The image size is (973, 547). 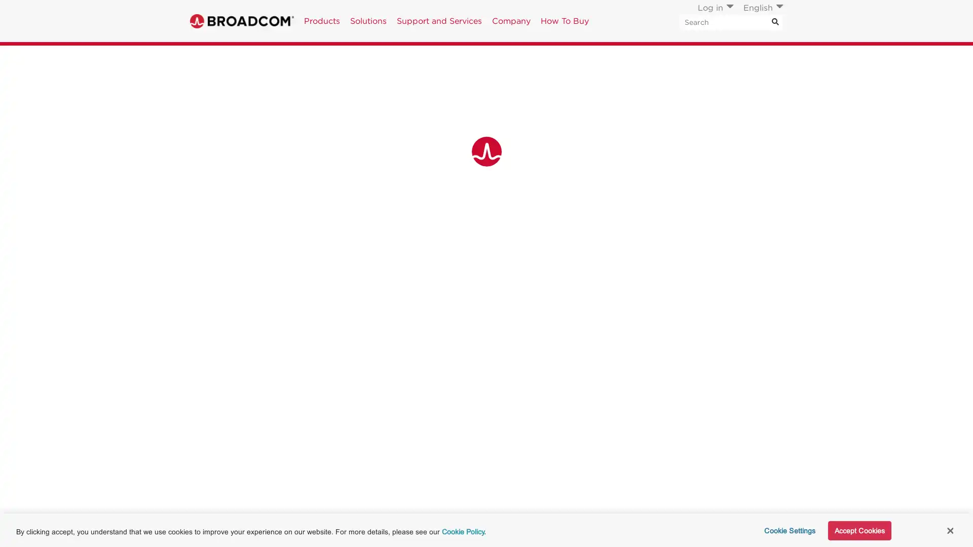 What do you see at coordinates (439, 21) in the screenshot?
I see `Support and Services` at bounding box center [439, 21].